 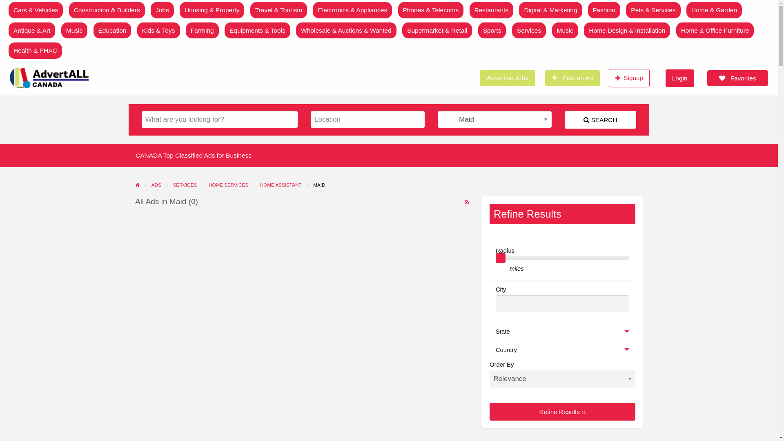 I want to click on 'Home & Office Furniture', so click(x=715, y=30).